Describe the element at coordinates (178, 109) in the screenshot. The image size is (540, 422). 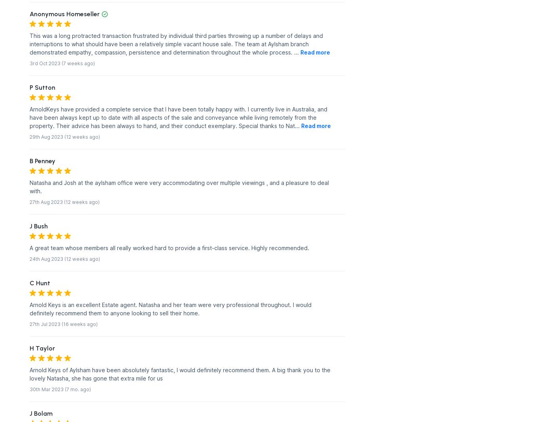
I see `'ArnoldKeys have provided a complete service that I have been totally happy with. I currently live in Australia, and'` at that location.